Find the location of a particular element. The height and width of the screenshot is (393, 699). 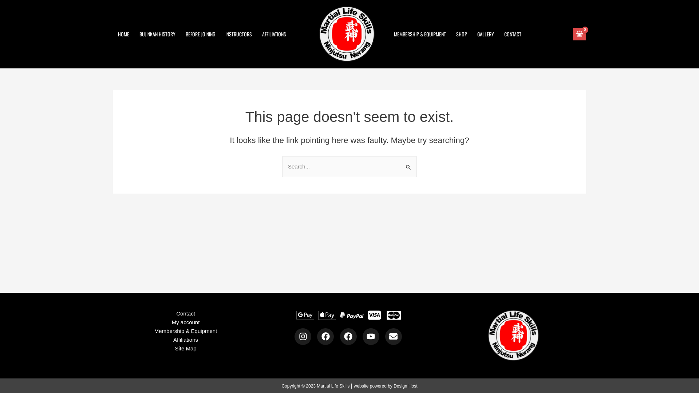

'Search' is located at coordinates (400, 163).